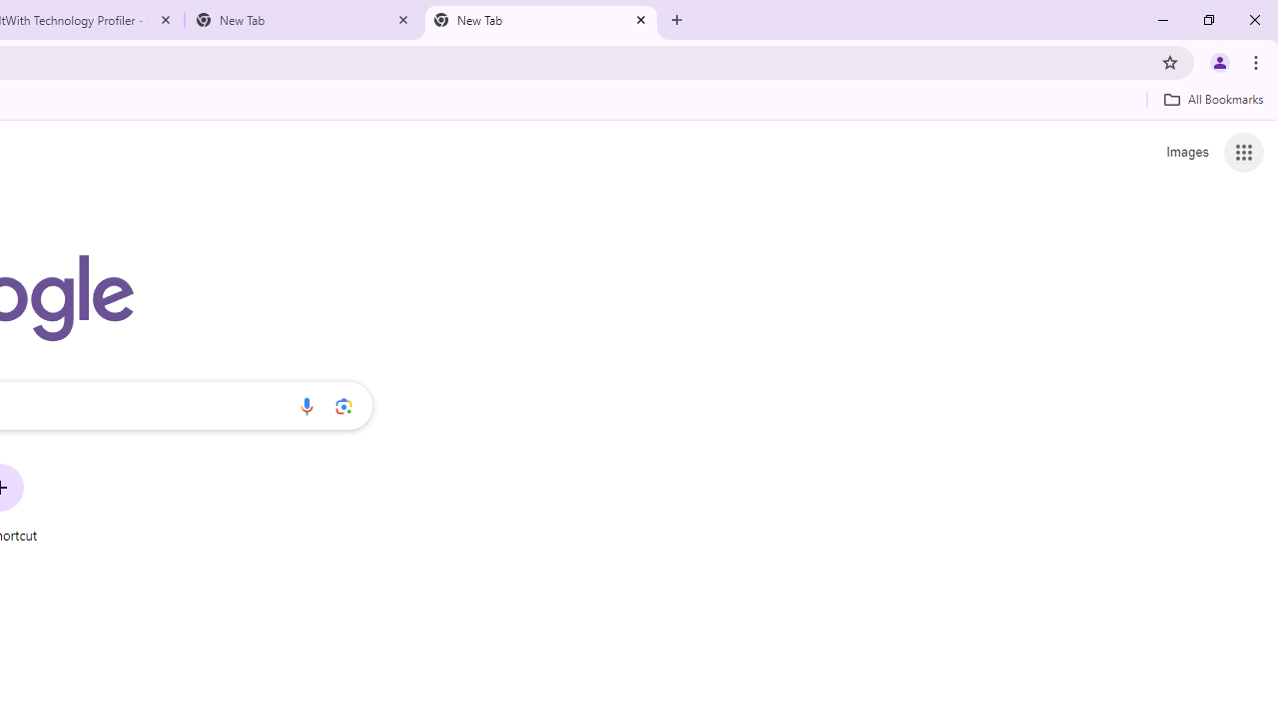 This screenshot has width=1278, height=718. I want to click on 'Search for Images ', so click(1187, 152).